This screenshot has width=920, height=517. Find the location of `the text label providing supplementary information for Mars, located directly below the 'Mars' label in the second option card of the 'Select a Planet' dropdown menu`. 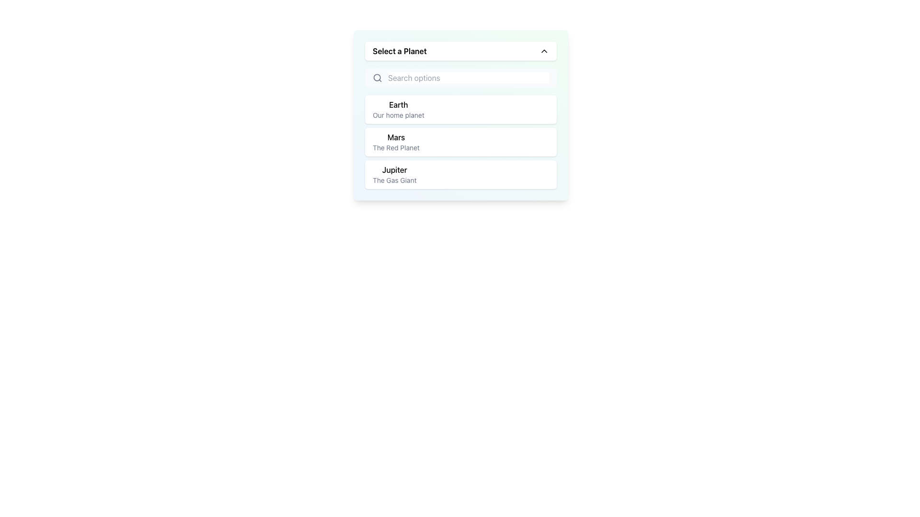

the text label providing supplementary information for Mars, located directly below the 'Mars' label in the second option card of the 'Select a Planet' dropdown menu is located at coordinates (396, 147).